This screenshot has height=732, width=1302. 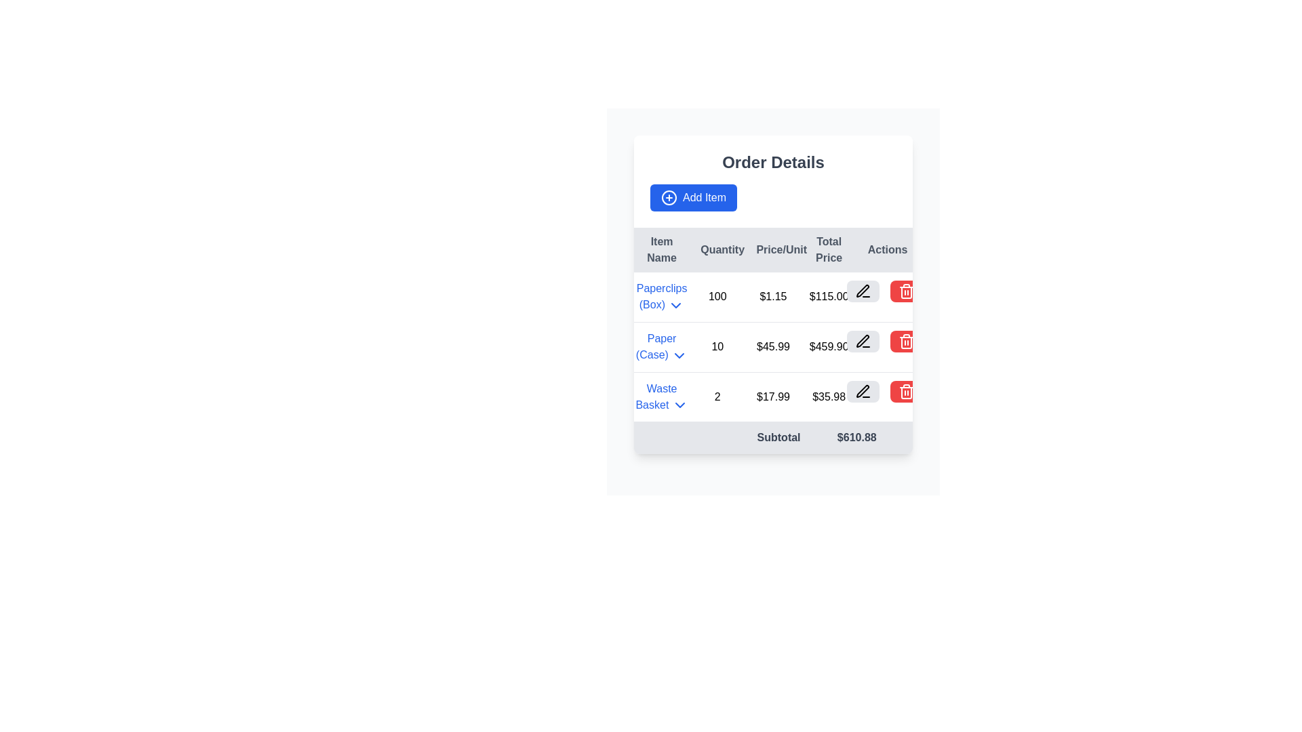 What do you see at coordinates (662, 296) in the screenshot?
I see `the Dropdown label displaying 'Paperclips (Box)'` at bounding box center [662, 296].